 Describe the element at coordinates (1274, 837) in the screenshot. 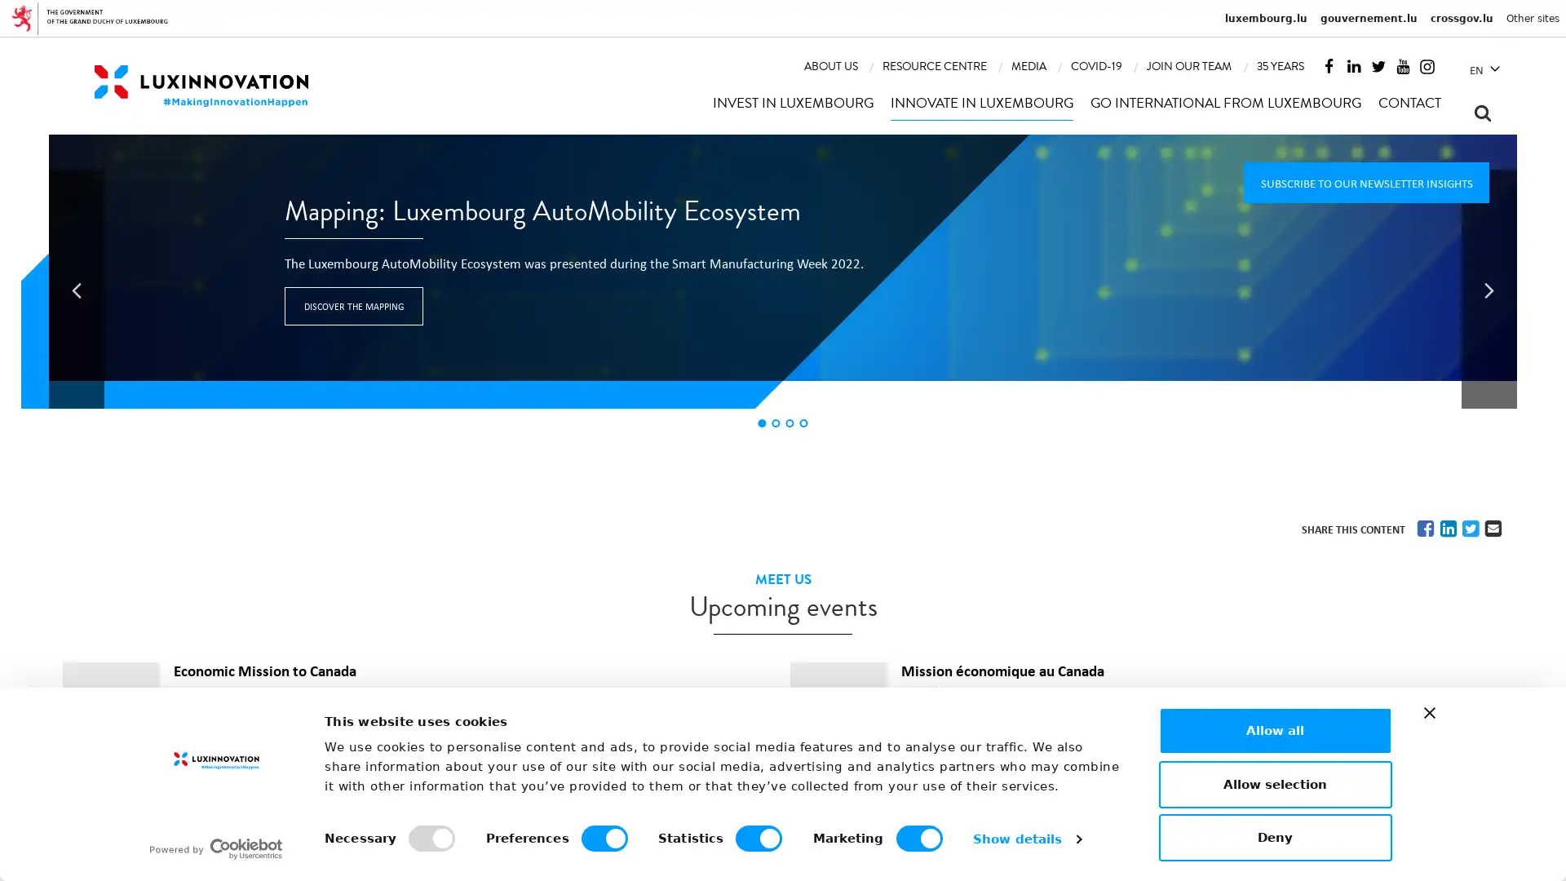

I see `Deny` at that location.